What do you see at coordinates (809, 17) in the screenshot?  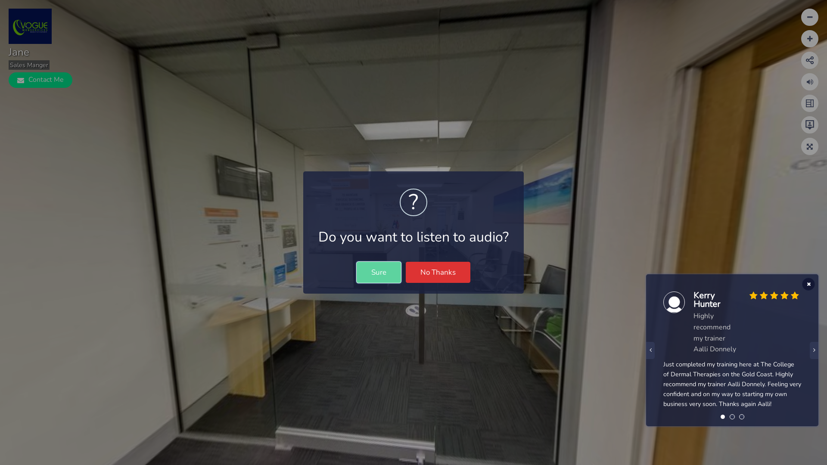 I see `'Zoom In'` at bounding box center [809, 17].